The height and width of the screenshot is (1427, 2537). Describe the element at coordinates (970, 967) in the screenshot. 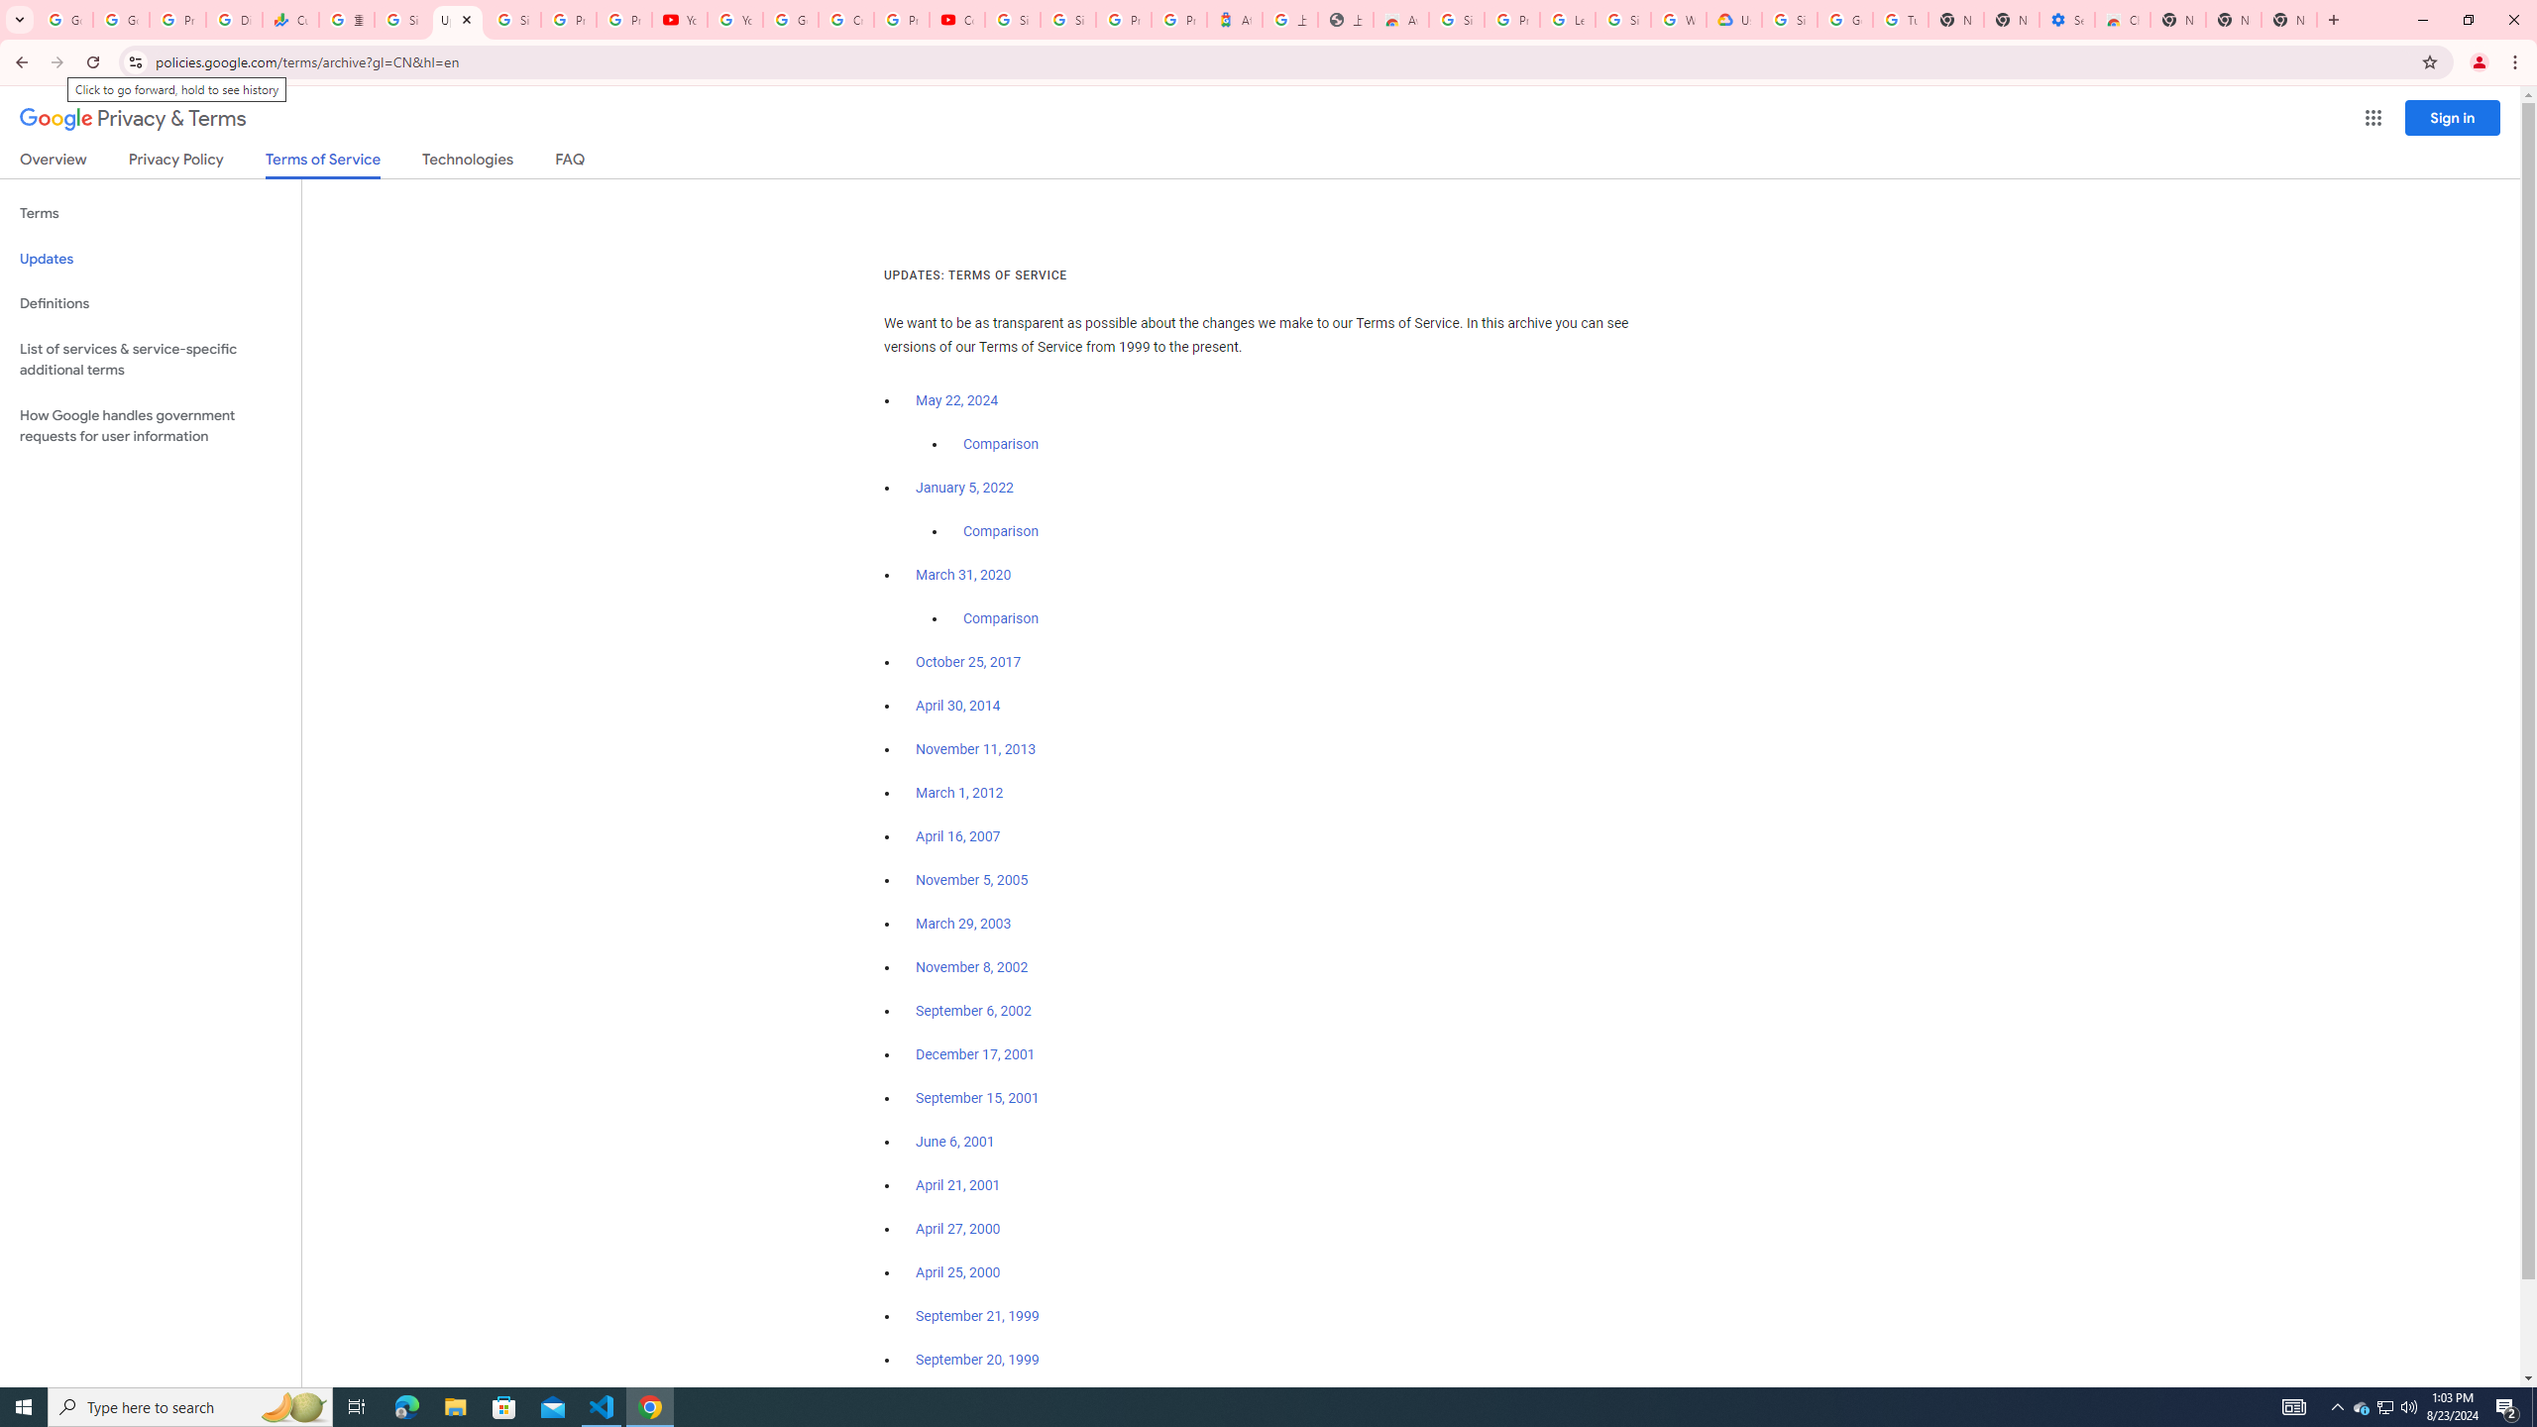

I see `'November 8, 2002'` at that location.